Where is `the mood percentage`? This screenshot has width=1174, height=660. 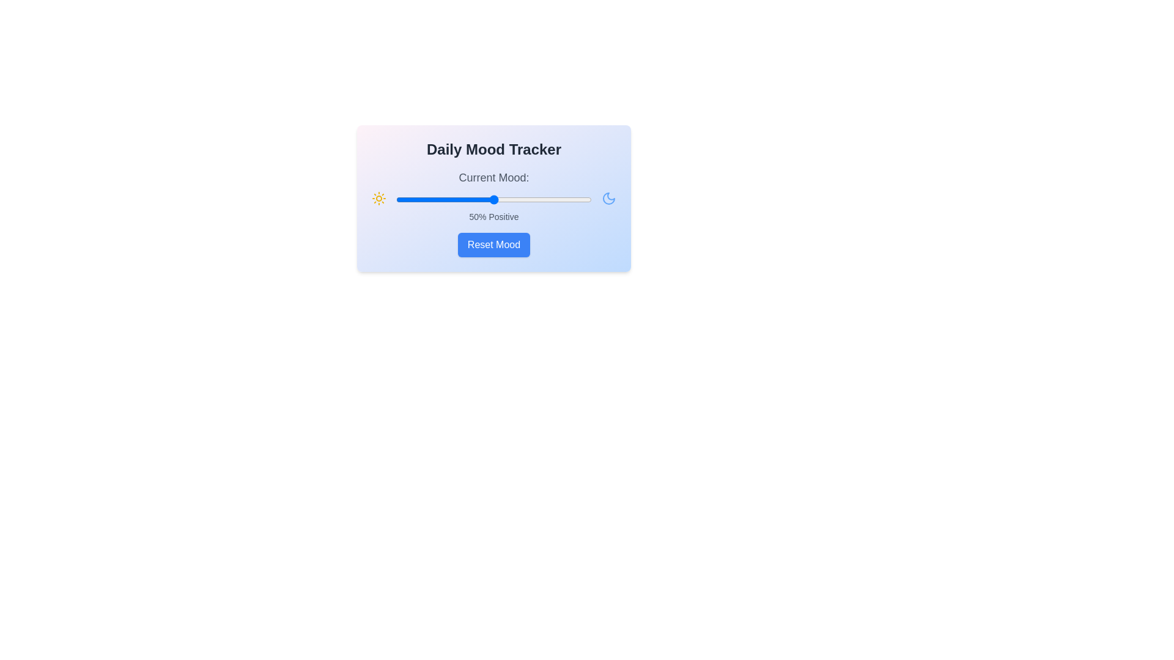
the mood percentage is located at coordinates (450, 199).